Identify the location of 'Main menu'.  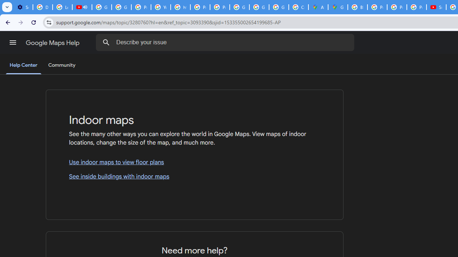
(13, 42).